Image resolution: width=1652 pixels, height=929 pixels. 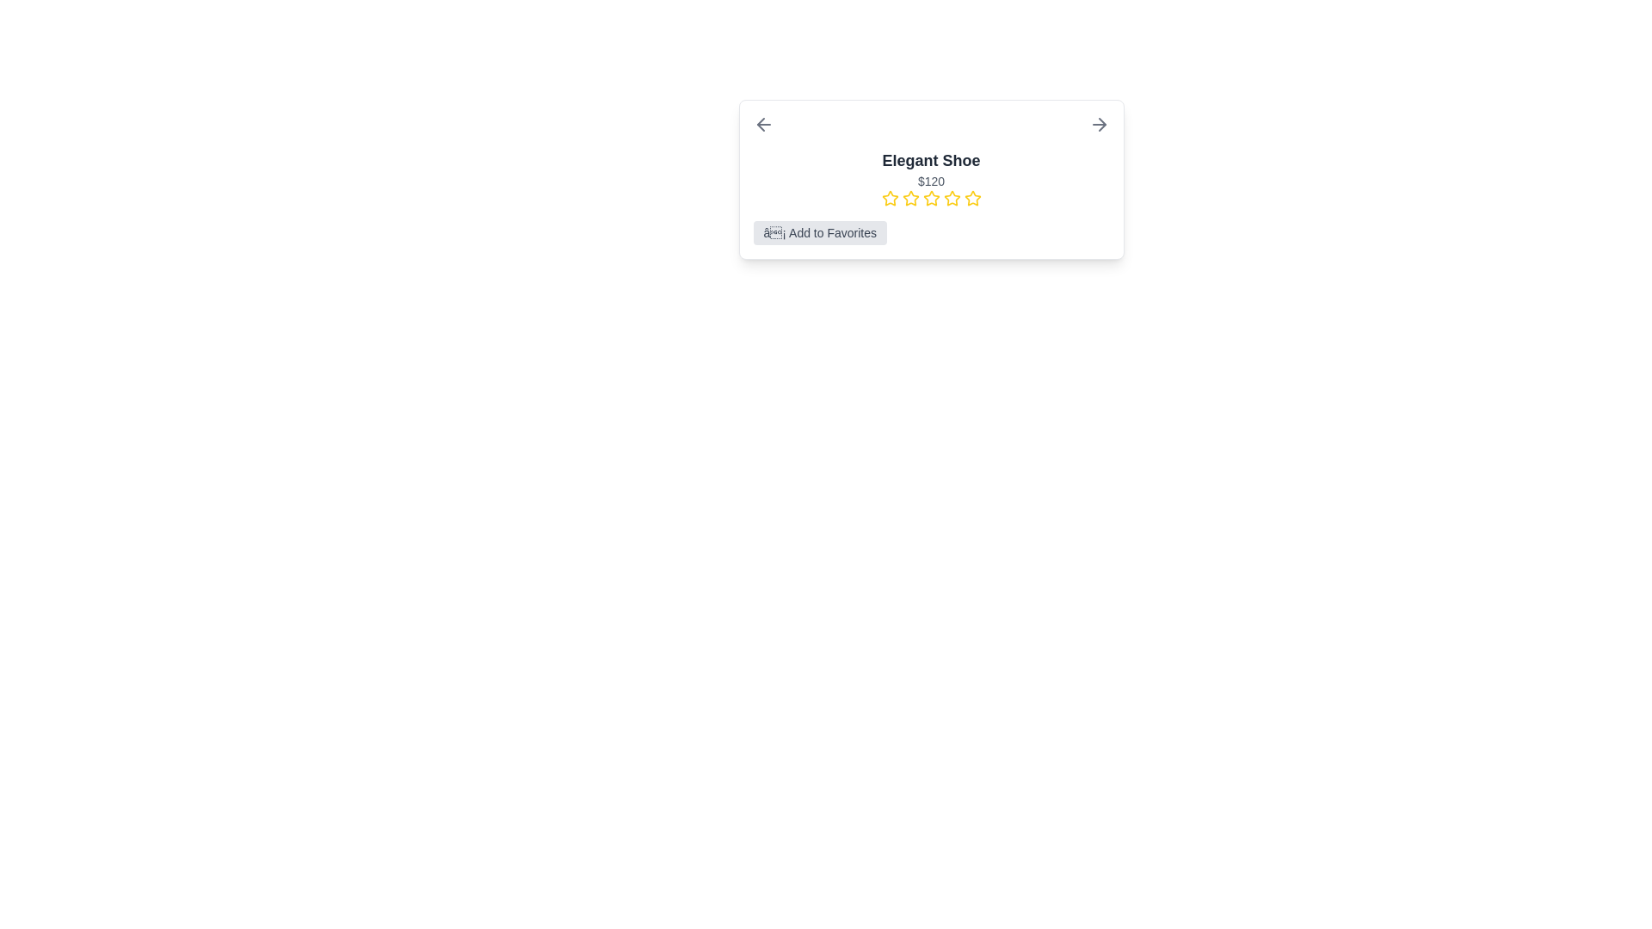 I want to click on the fifth star icon in the rating system for the product 'Elegant Shoe', so click(x=972, y=197).